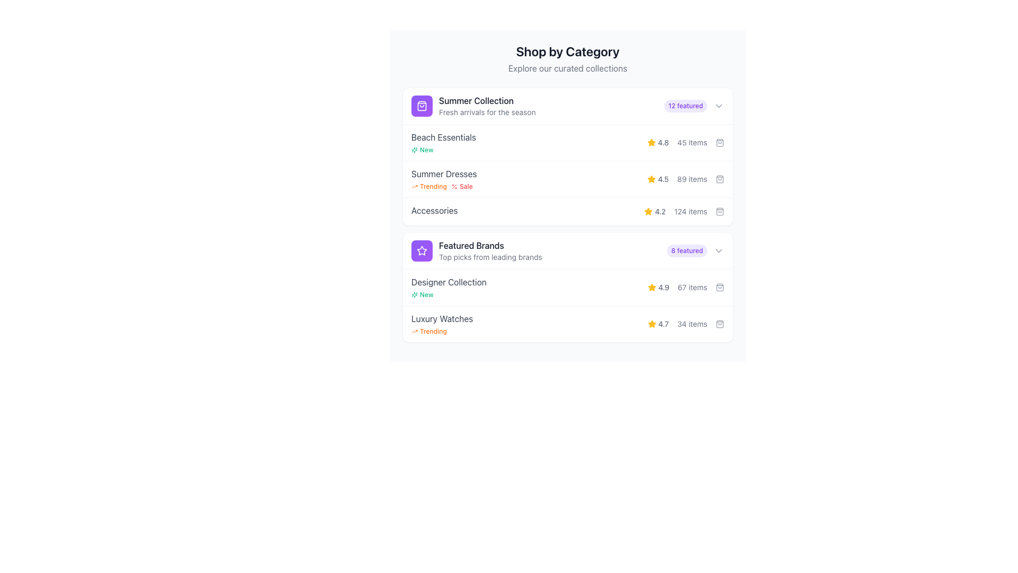 The width and height of the screenshot is (1018, 573). What do you see at coordinates (473, 106) in the screenshot?
I see `static textual information box about the 'Summer Collection' which includes the description 'Fresh arrivals for the season.' This element is located in the 'Shop by Category' section, specifically in the first row, next to a purple square icon with a shopping bag graphic` at bounding box center [473, 106].